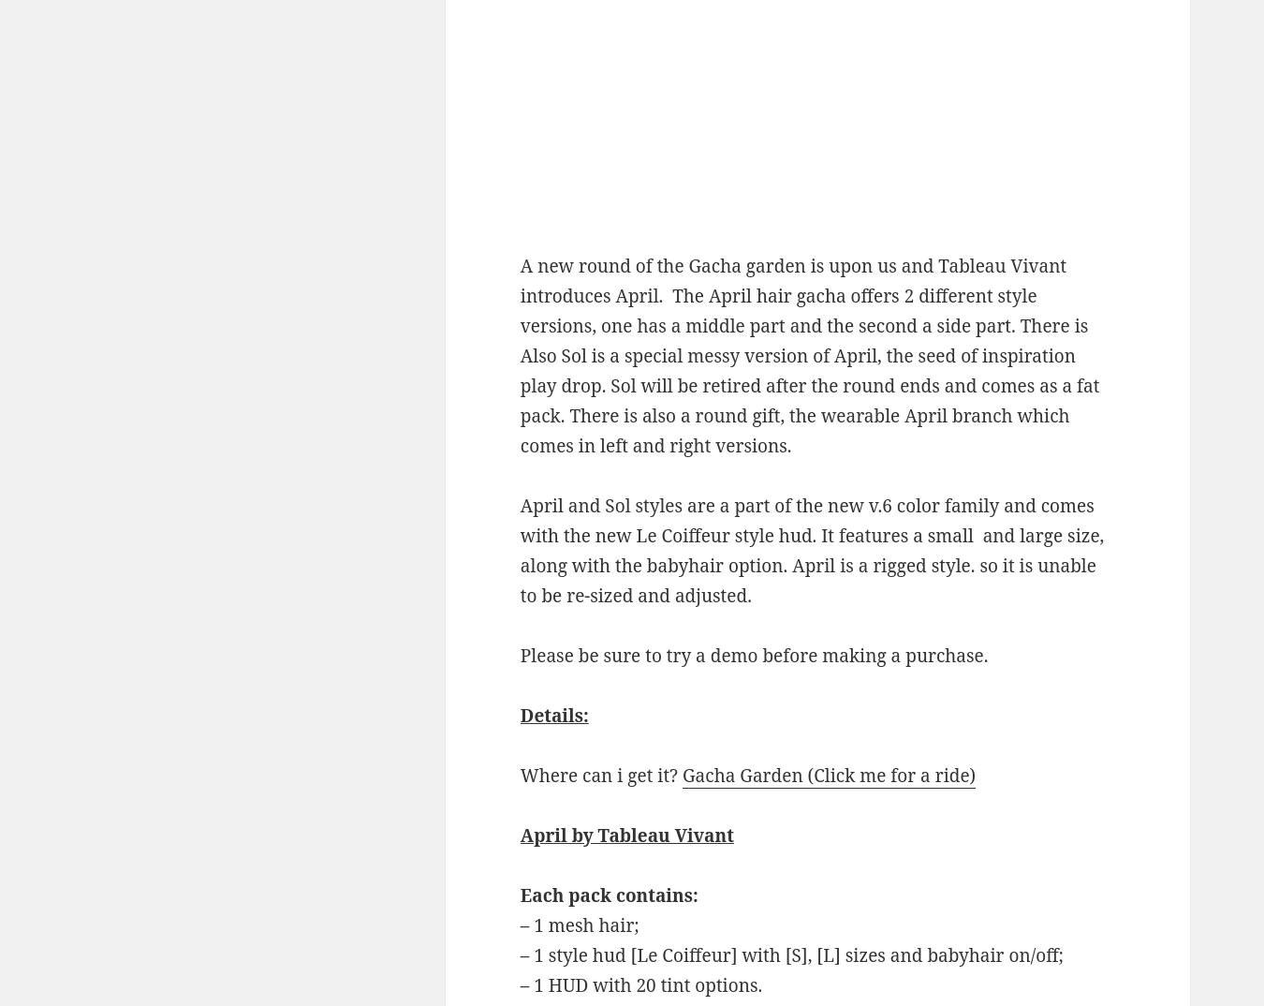 Image resolution: width=1264 pixels, height=1006 pixels. I want to click on 'April and Sol styles are a part of the new v.6 color family and comes with the new Le Coiffeur style hud. It features a small  and large size, along with the babyhair option. April is a rigged style. so it is unable to be re-sized and adjusted.', so click(811, 550).